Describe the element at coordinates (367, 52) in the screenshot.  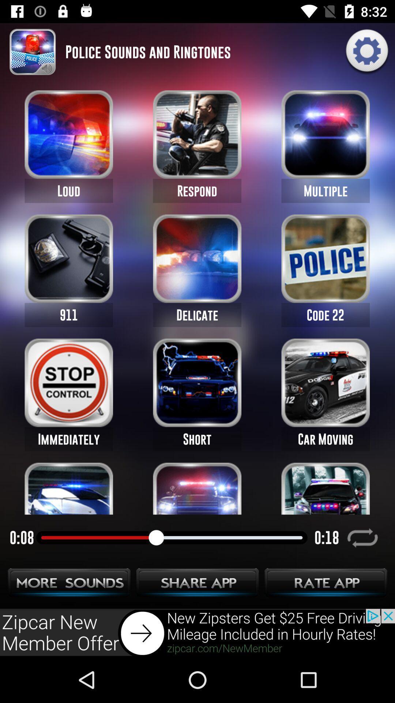
I see `settings icon on the top most right corner of the page` at that location.